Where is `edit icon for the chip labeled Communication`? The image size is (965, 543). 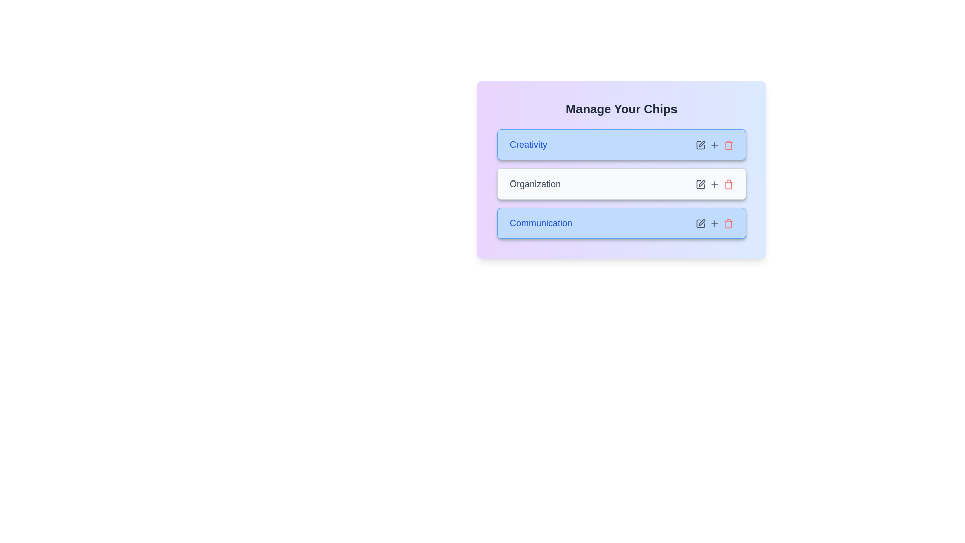
edit icon for the chip labeled Communication is located at coordinates (700, 222).